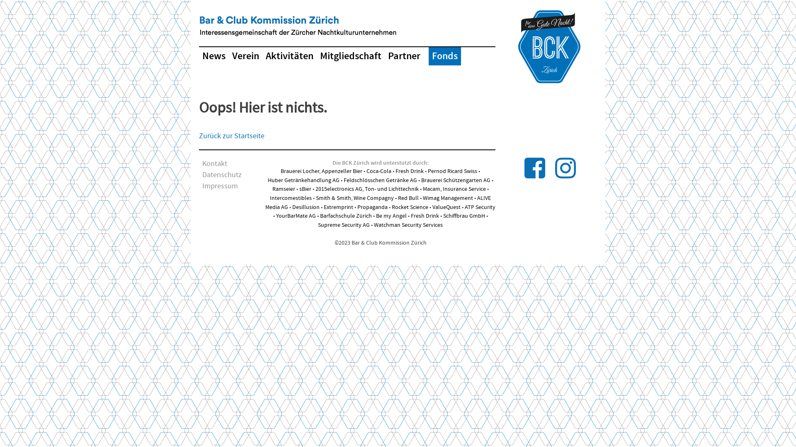 The height and width of the screenshot is (447, 796). Describe the element at coordinates (378, 202) in the screenshot. I see `'ALIVE Media AG'` at that location.